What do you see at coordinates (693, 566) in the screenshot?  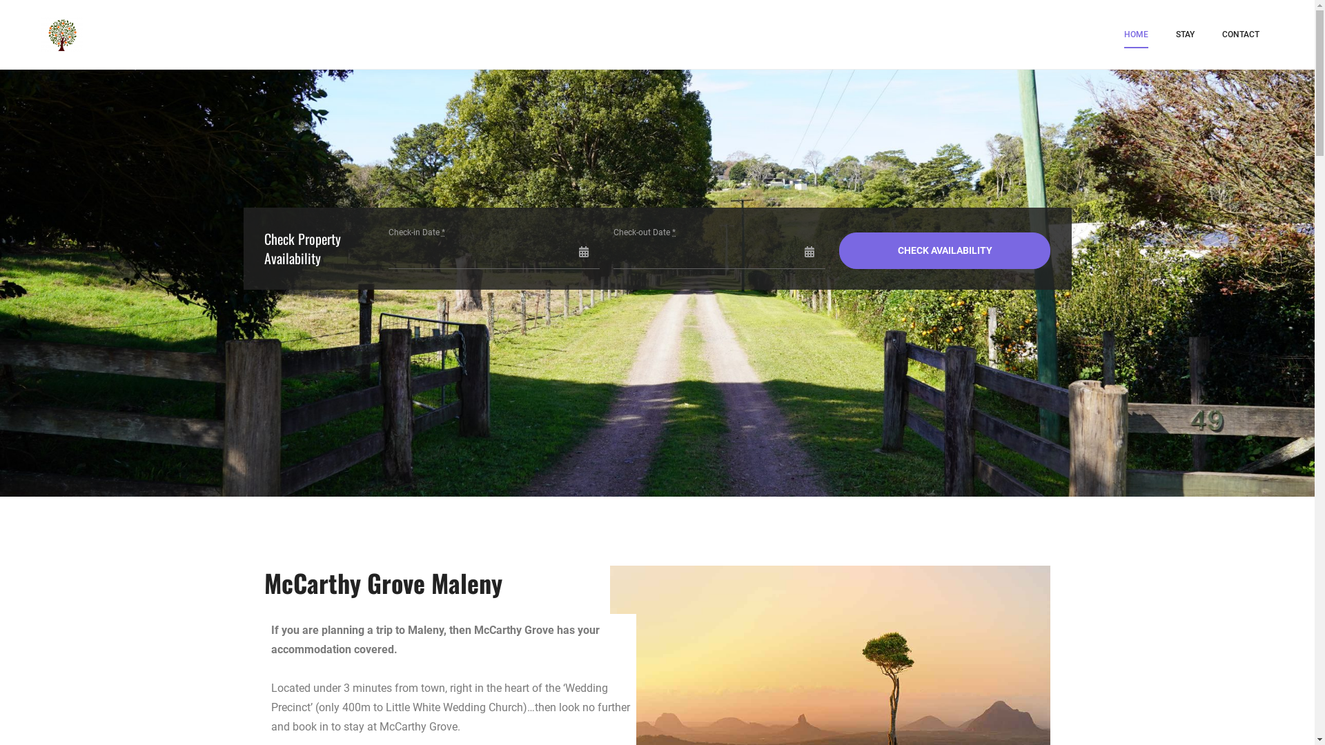 I see `'Tripadvisor'` at bounding box center [693, 566].